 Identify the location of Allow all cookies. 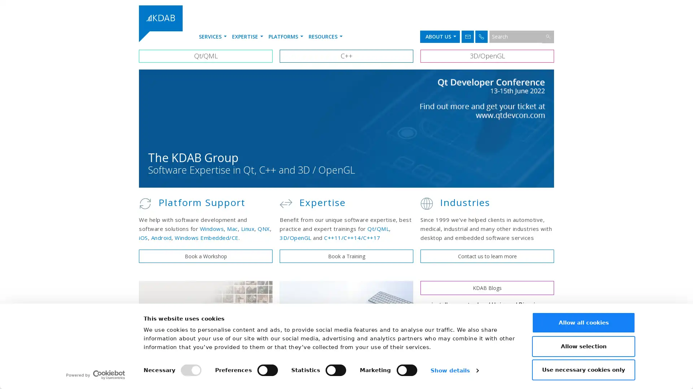
(584, 322).